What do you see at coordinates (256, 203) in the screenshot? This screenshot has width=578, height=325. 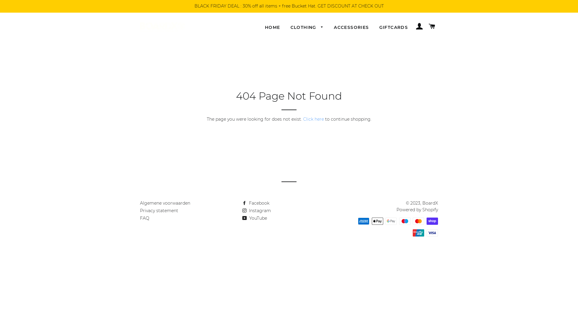 I see `'Facebook'` at bounding box center [256, 203].